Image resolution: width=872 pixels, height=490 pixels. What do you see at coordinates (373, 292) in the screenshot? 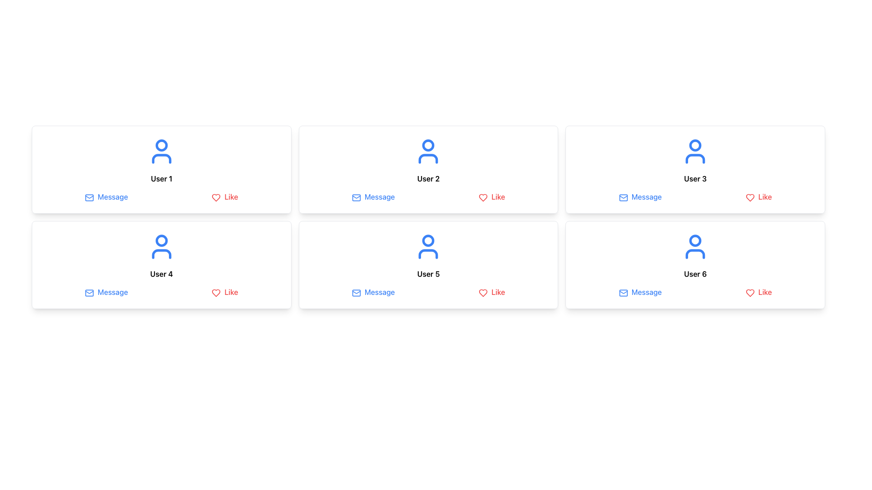
I see `the 'Message' button with an envelope icon located beneath the user profile 'User 5' to send a message` at bounding box center [373, 292].